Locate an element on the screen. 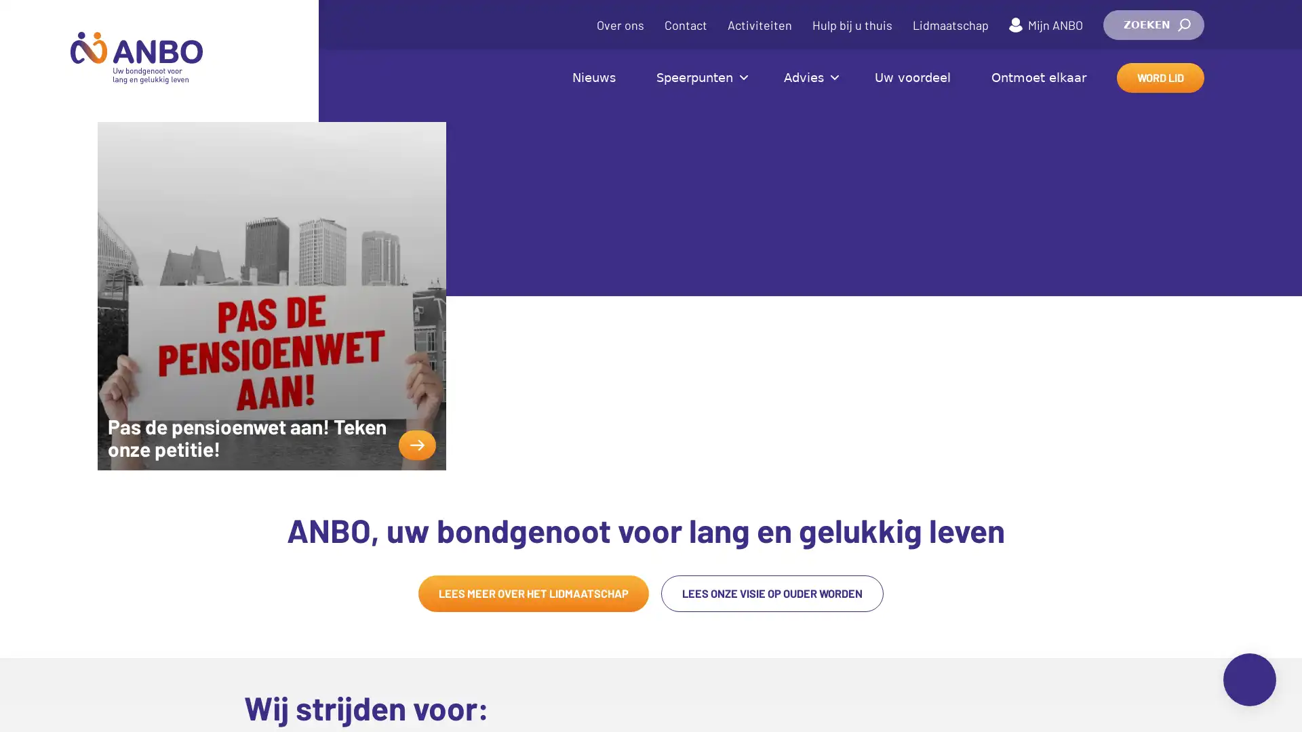 The image size is (1302, 732). ZOEKEN is located at coordinates (1153, 25).